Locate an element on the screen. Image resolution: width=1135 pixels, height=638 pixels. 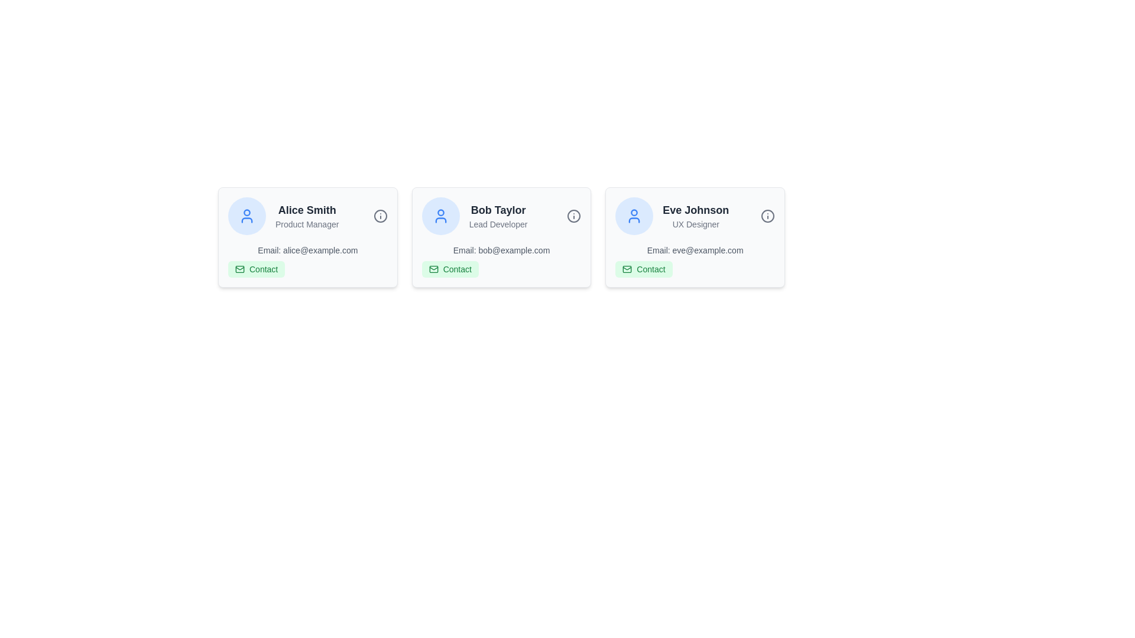
the second Contact Card in the grid layout, which displays an individual's photo, name, role, contact email, and a green 'Contact' button is located at coordinates (501, 237).